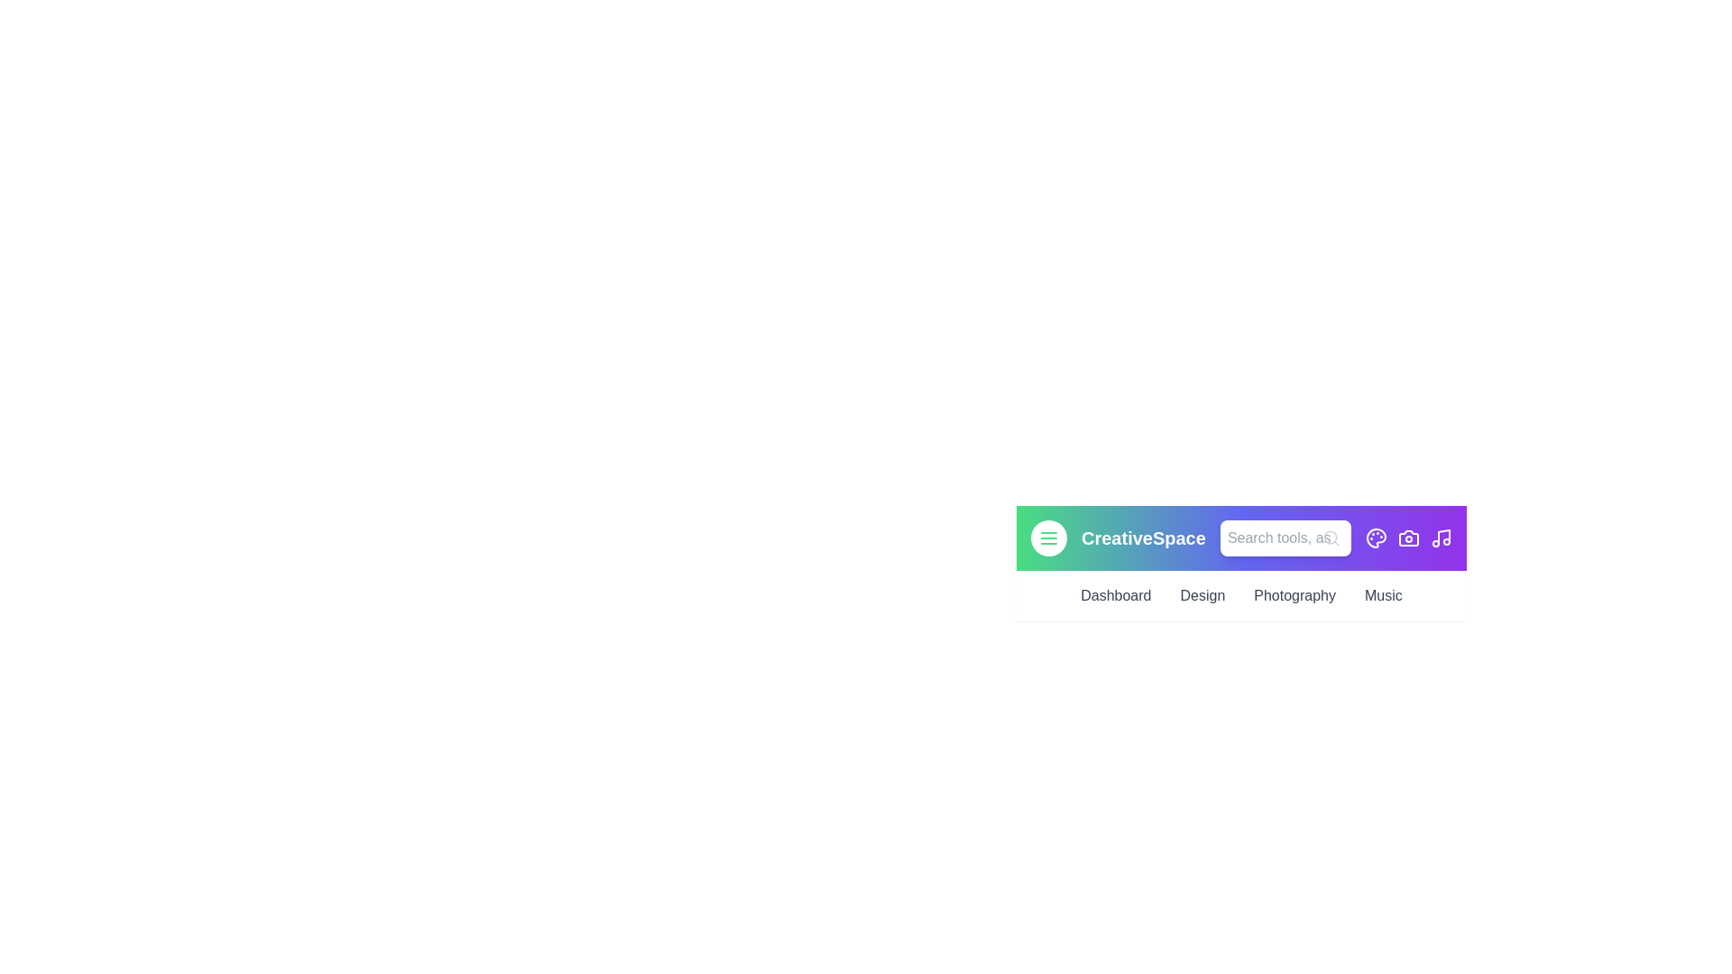 The image size is (1732, 974). Describe the element at coordinates (1381, 595) in the screenshot. I see `the Music link in the navigation bar` at that location.